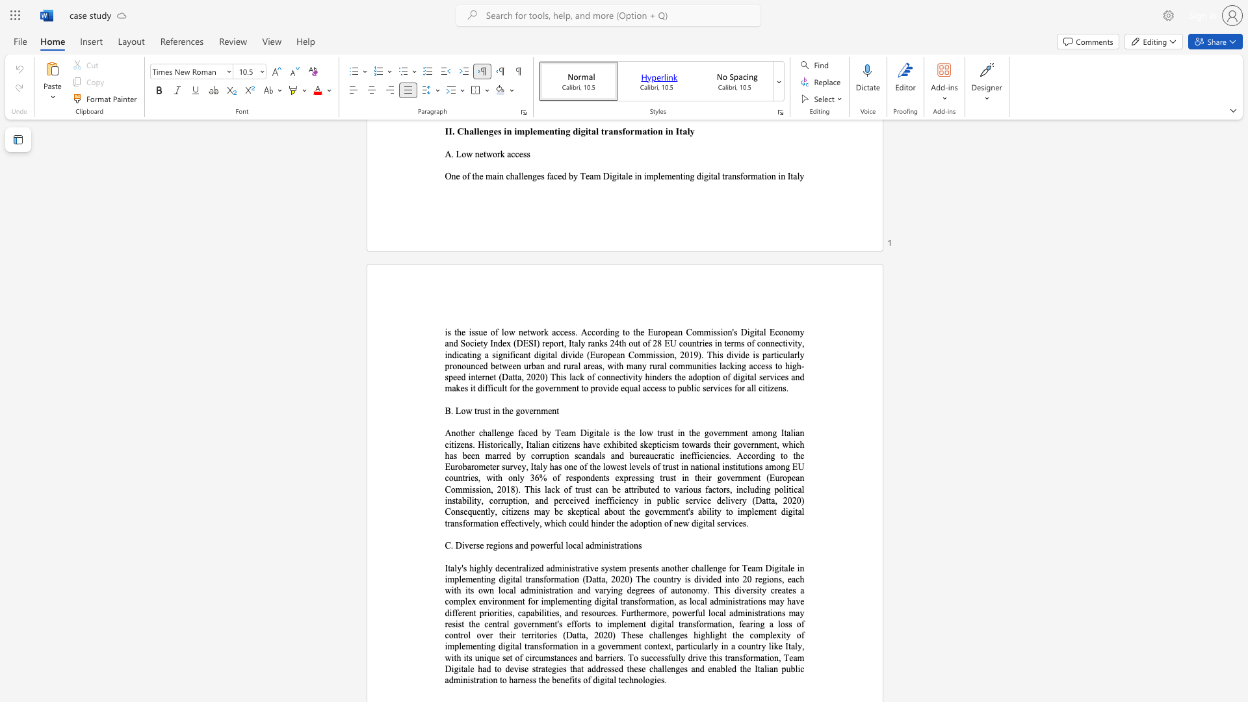 Image resolution: width=1248 pixels, height=702 pixels. Describe the element at coordinates (607, 478) in the screenshot. I see `the 22th character "s" in the text` at that location.